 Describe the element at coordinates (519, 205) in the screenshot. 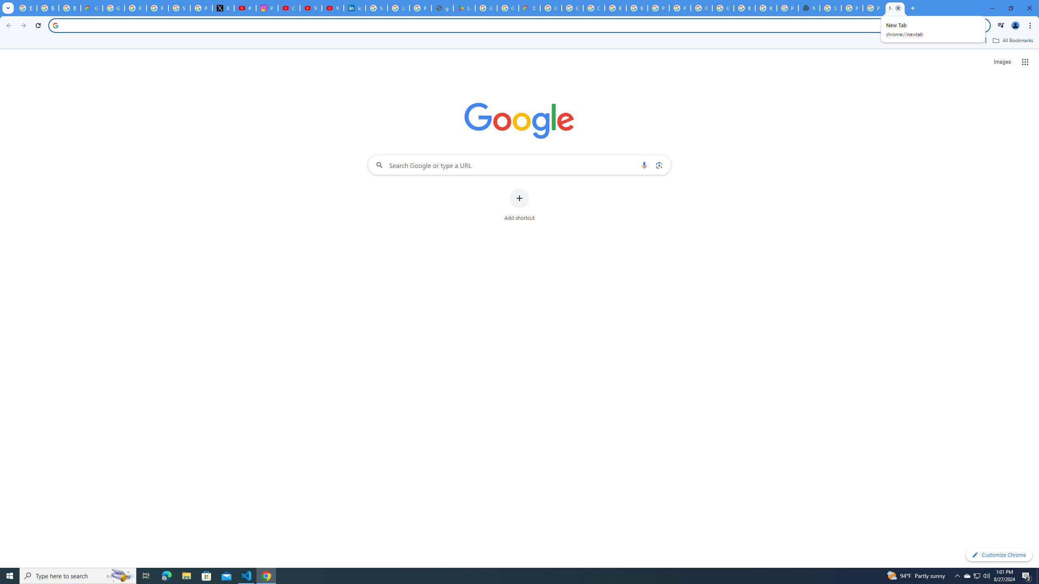

I see `'Add shortcut'` at that location.